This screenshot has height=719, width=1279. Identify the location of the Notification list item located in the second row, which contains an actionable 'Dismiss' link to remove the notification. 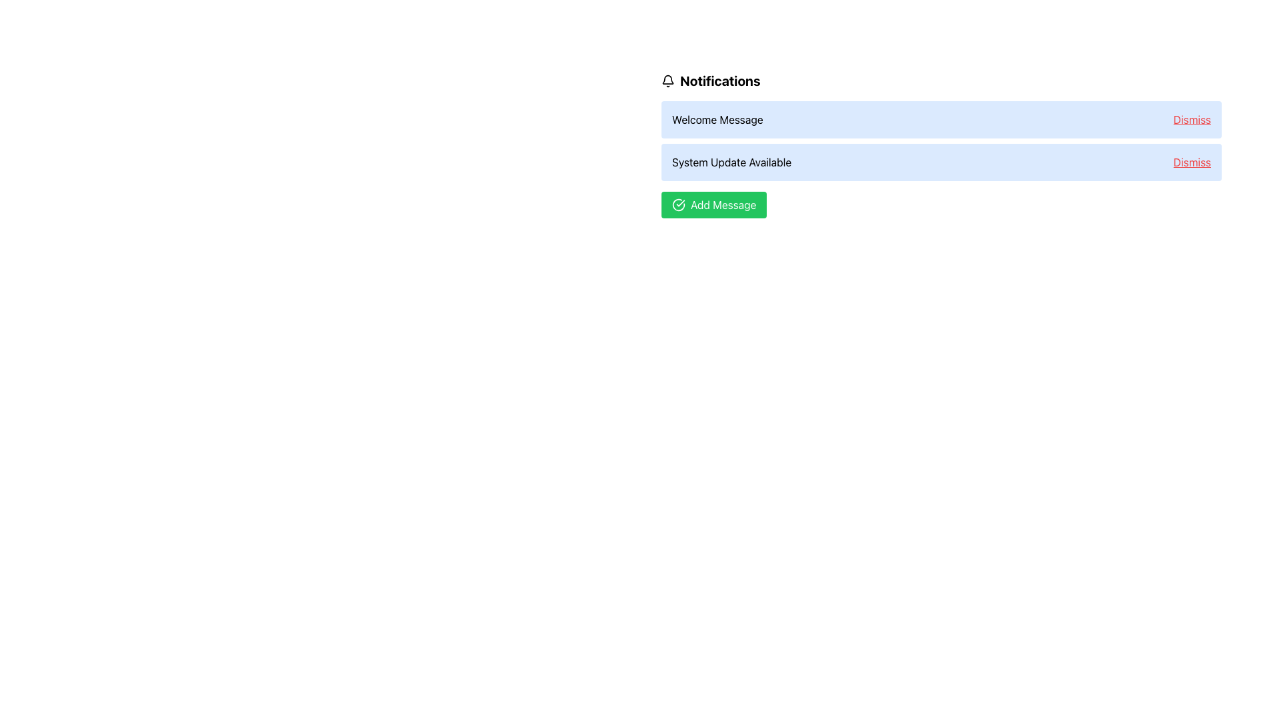
(941, 145).